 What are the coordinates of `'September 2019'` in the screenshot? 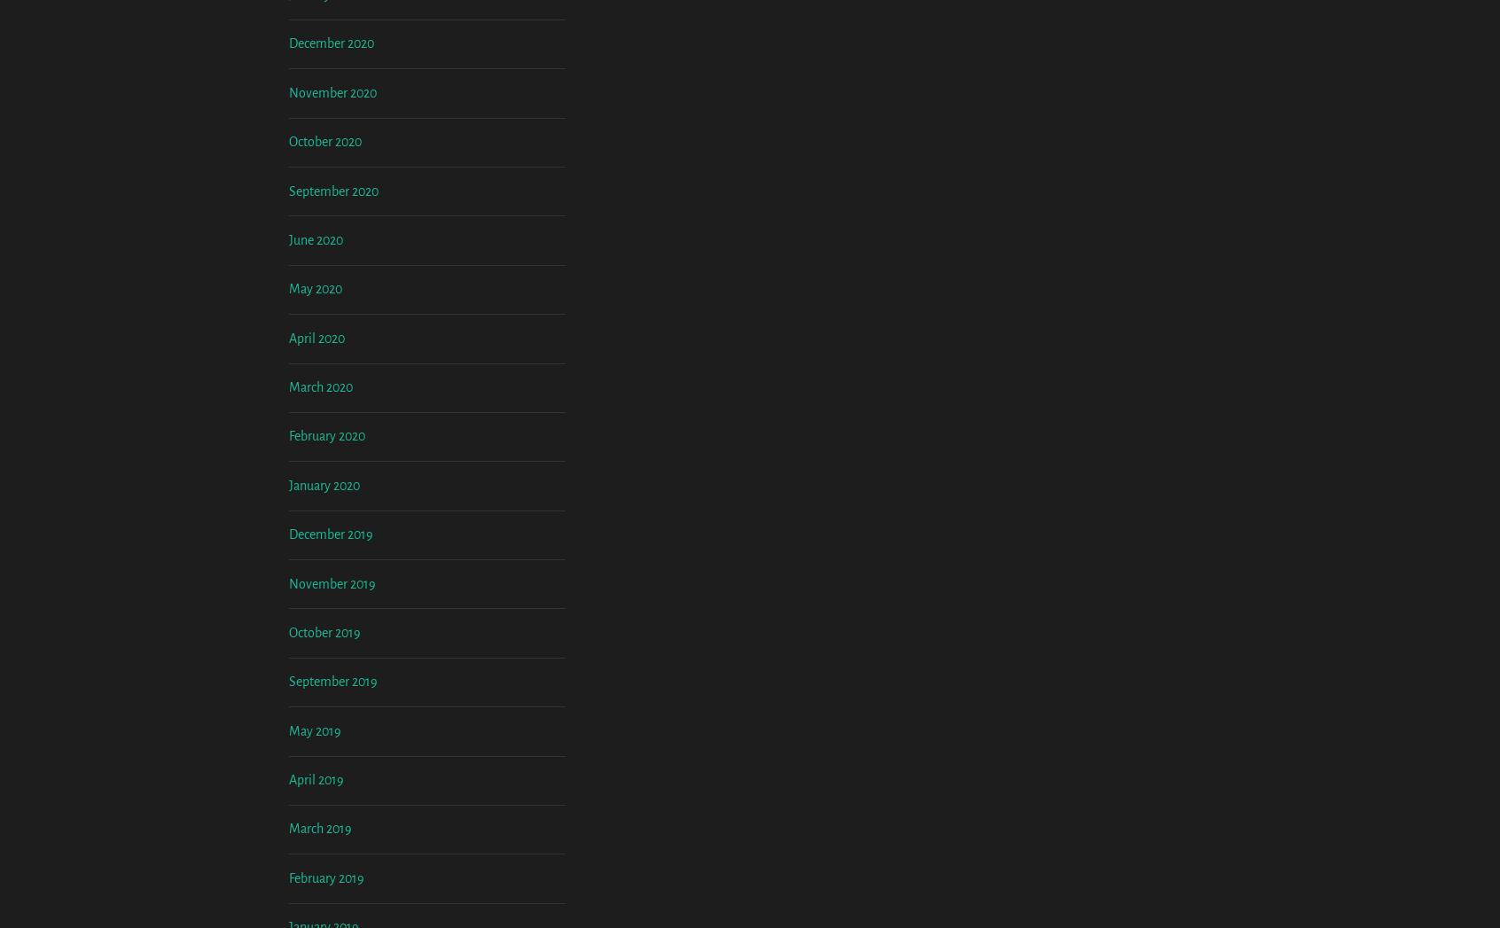 It's located at (332, 828).